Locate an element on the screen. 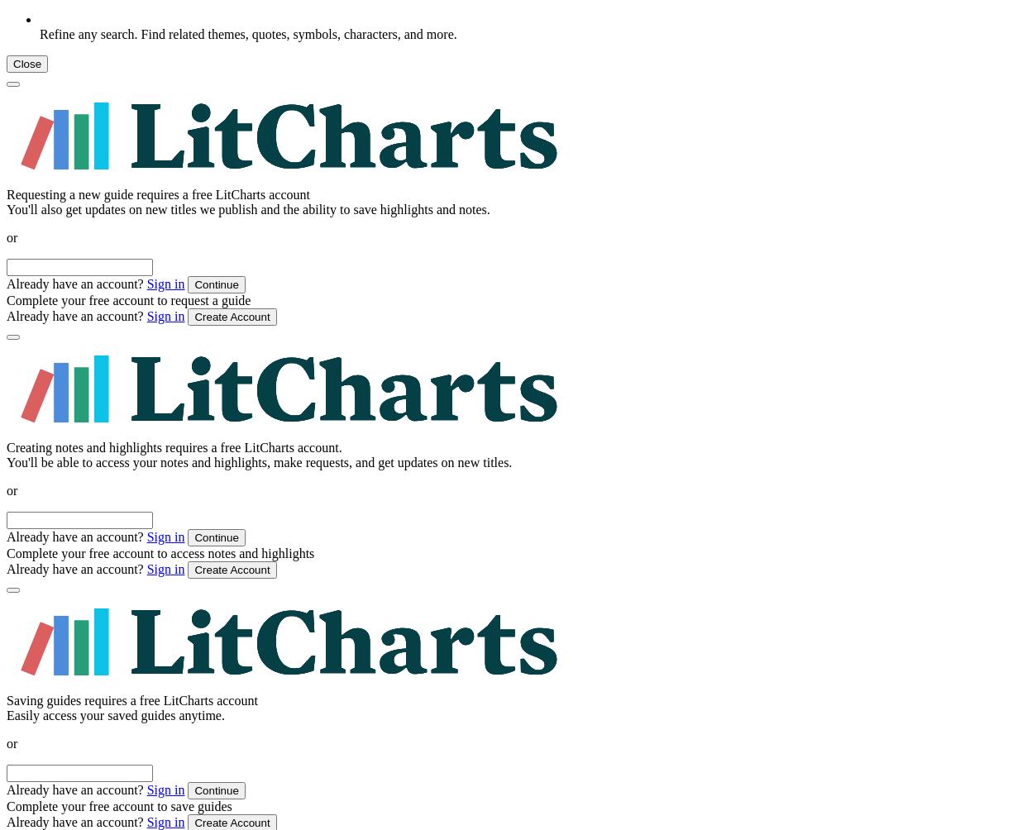 Image resolution: width=1032 pixels, height=830 pixels. 'Requesting a new guide requires a free LitCharts account' is located at coordinates (6, 193).